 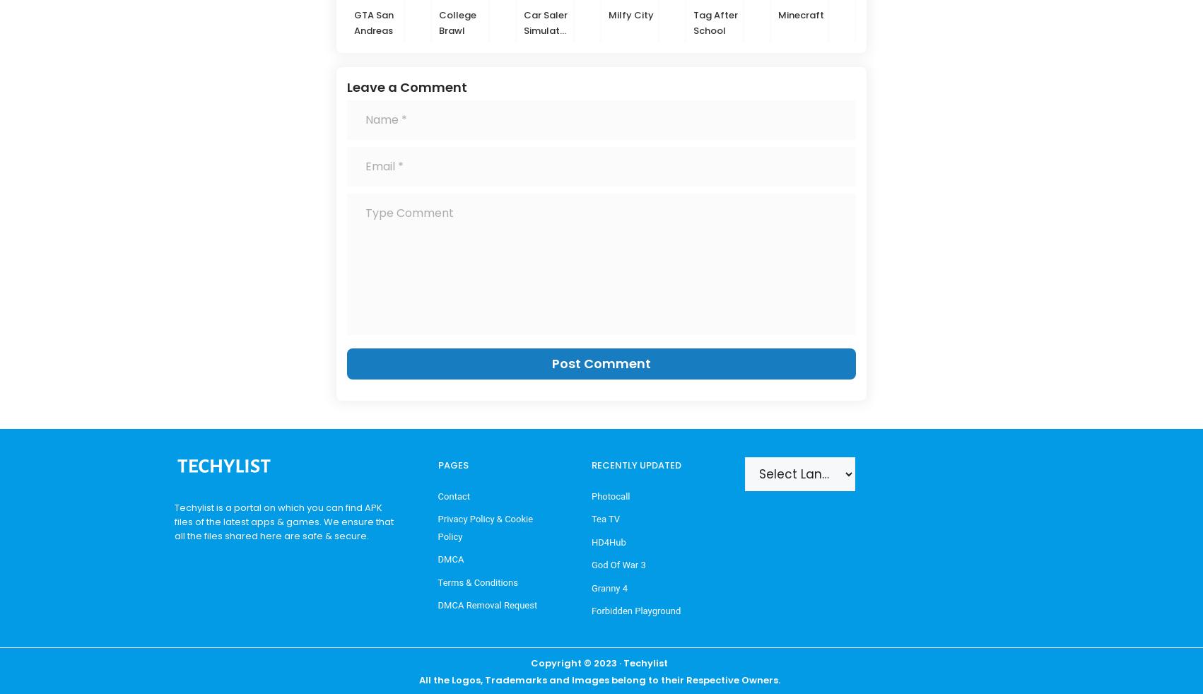 I want to click on 'Tekken 3', so click(x=1116, y=13).